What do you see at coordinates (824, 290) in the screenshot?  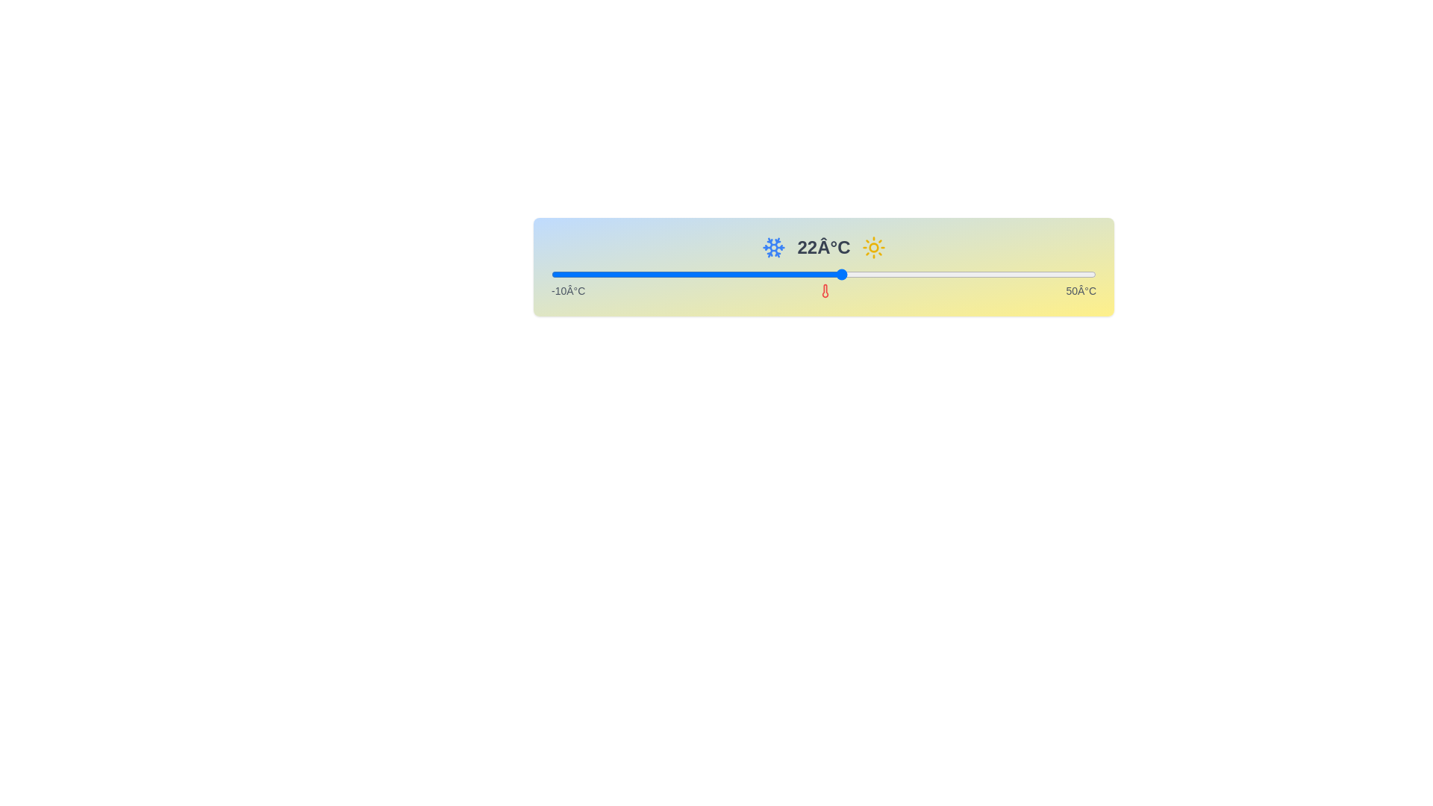 I see `the thermometer icon` at bounding box center [824, 290].